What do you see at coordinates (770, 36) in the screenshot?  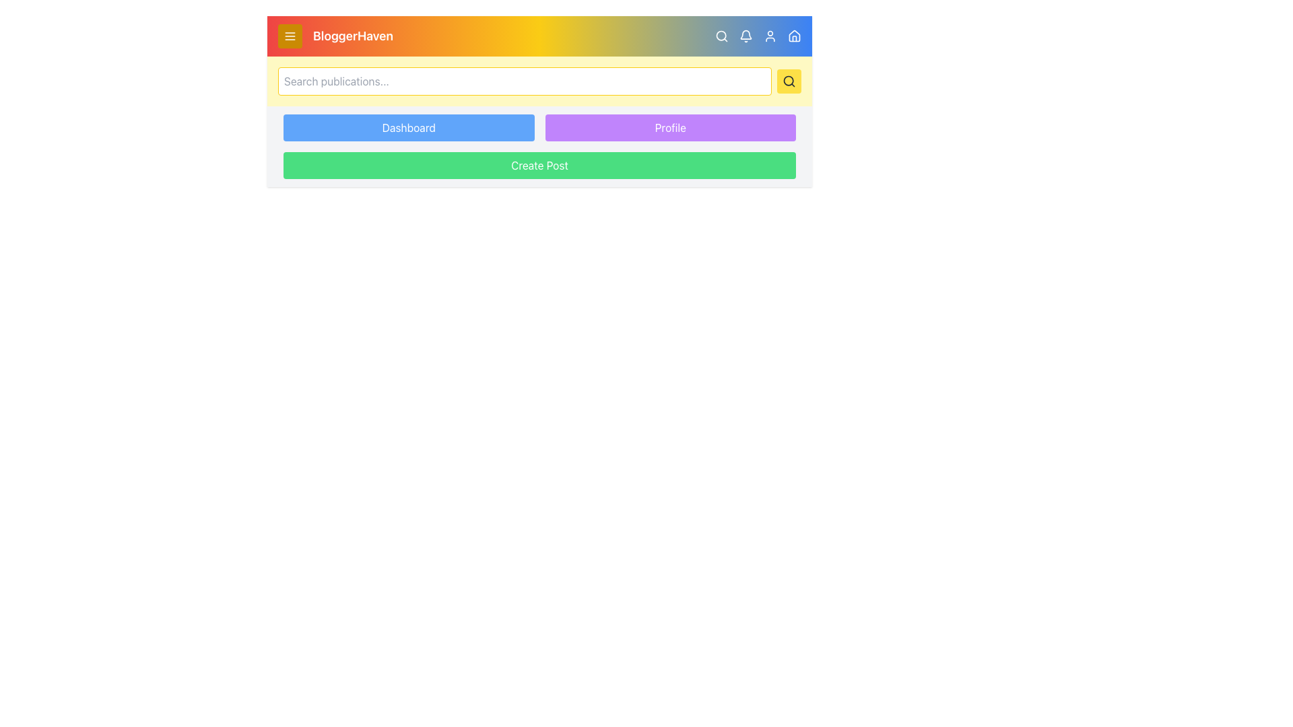 I see `the user profile icon button, which is a simple outline of a person on a blue background located at the top-right corner of the interface` at bounding box center [770, 36].